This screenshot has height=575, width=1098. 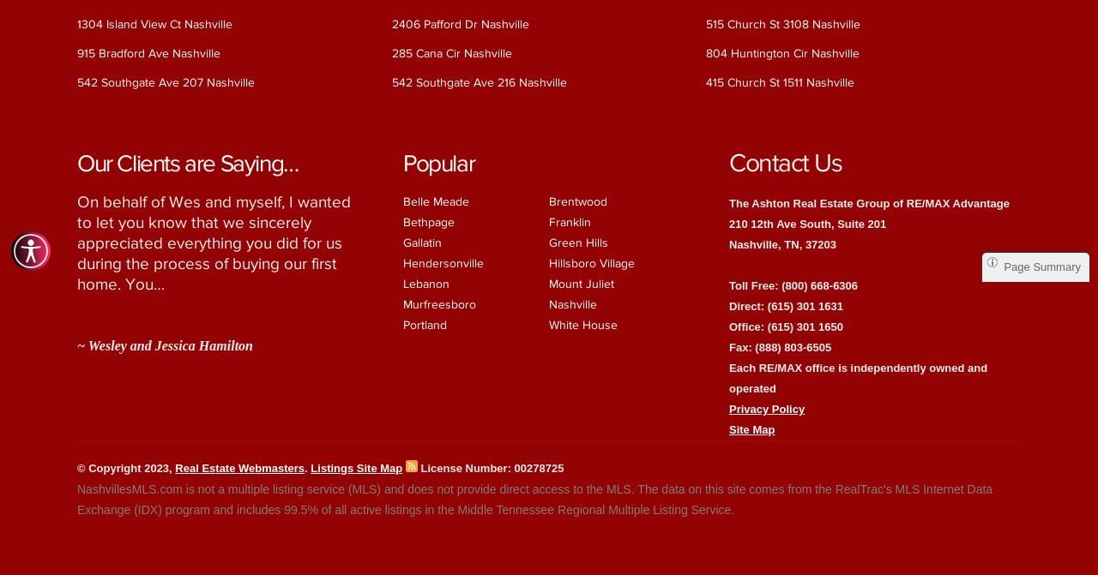 What do you see at coordinates (792, 345) in the screenshot?
I see `'(888) 803-6505'` at bounding box center [792, 345].